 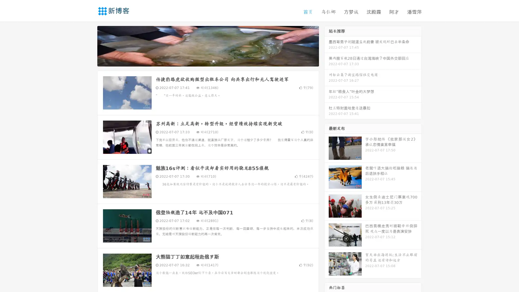 I want to click on Go to slide 3, so click(x=213, y=61).